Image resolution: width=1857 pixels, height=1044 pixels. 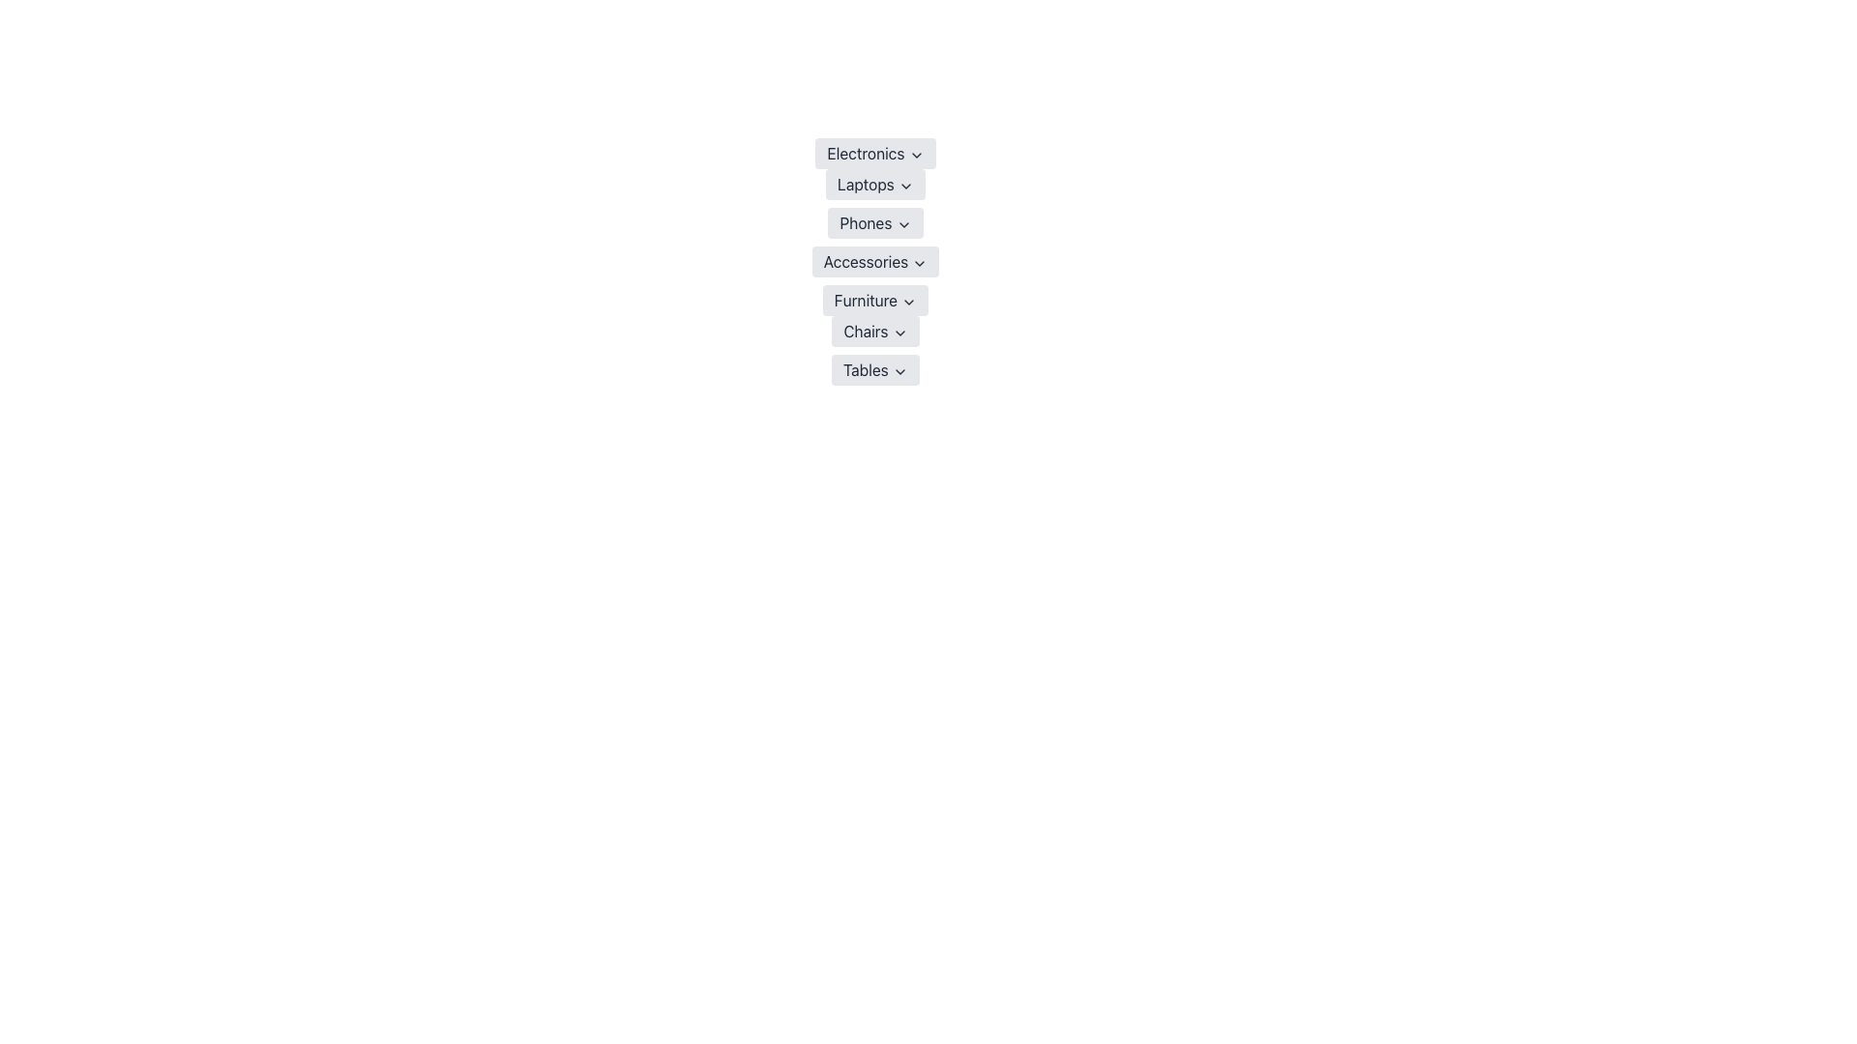 What do you see at coordinates (874, 222) in the screenshot?
I see `the 'Phones' dropdown button, which is the third item in the category list` at bounding box center [874, 222].